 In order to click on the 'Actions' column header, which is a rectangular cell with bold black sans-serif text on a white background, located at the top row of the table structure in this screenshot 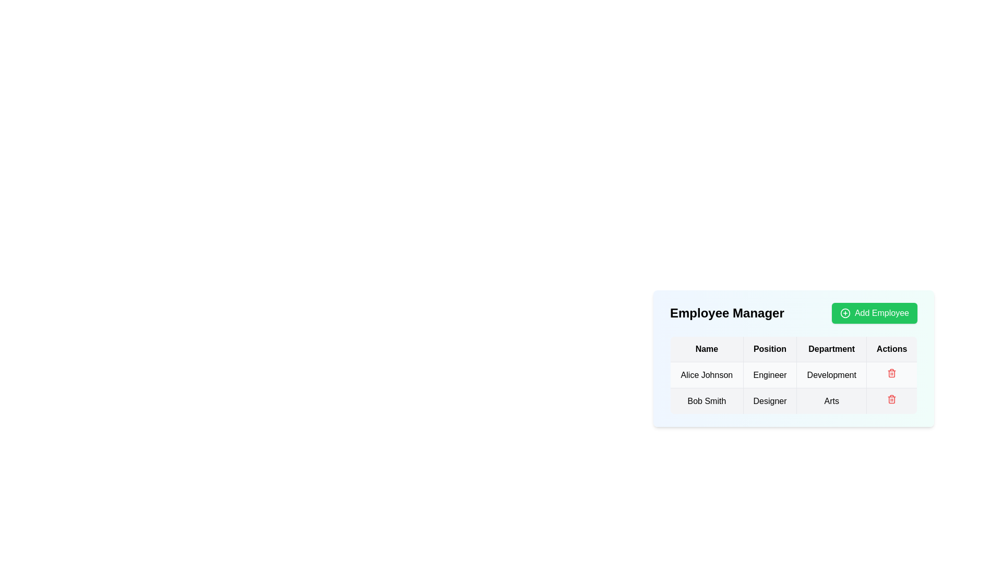, I will do `click(891, 349)`.